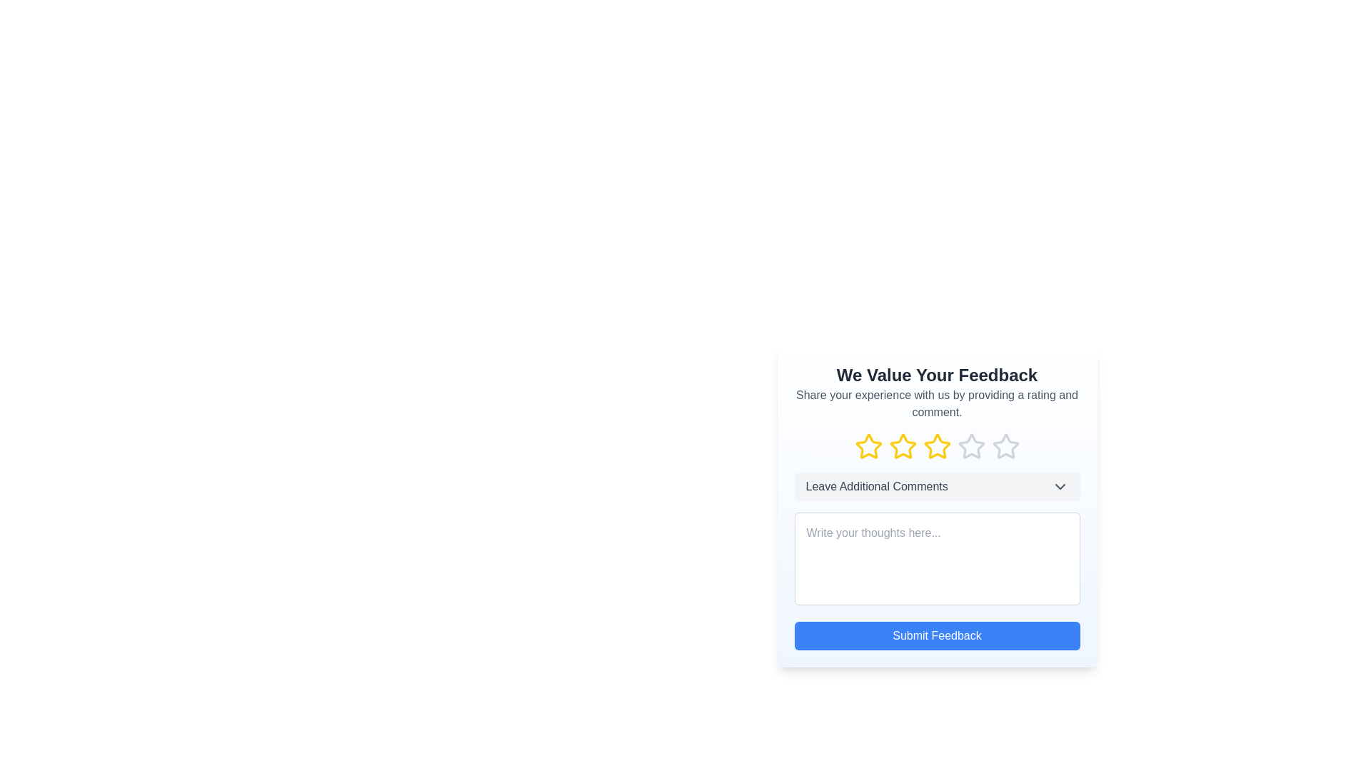  I want to click on the fifth star icon outlined in gray with a hollow interior in the feedback rating interface, so click(1005, 445).